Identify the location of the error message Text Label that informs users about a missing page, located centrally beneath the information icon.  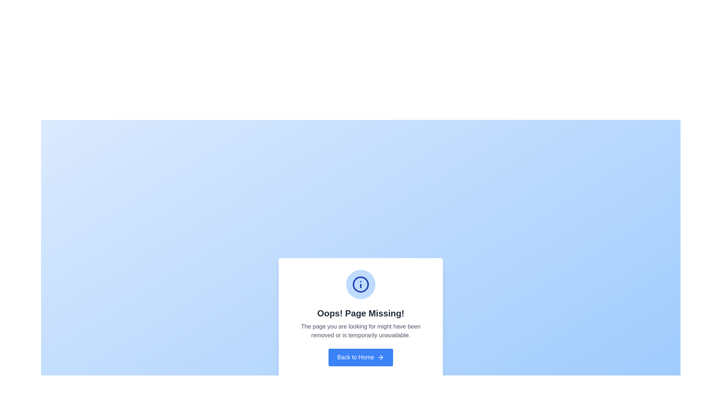
(360, 313).